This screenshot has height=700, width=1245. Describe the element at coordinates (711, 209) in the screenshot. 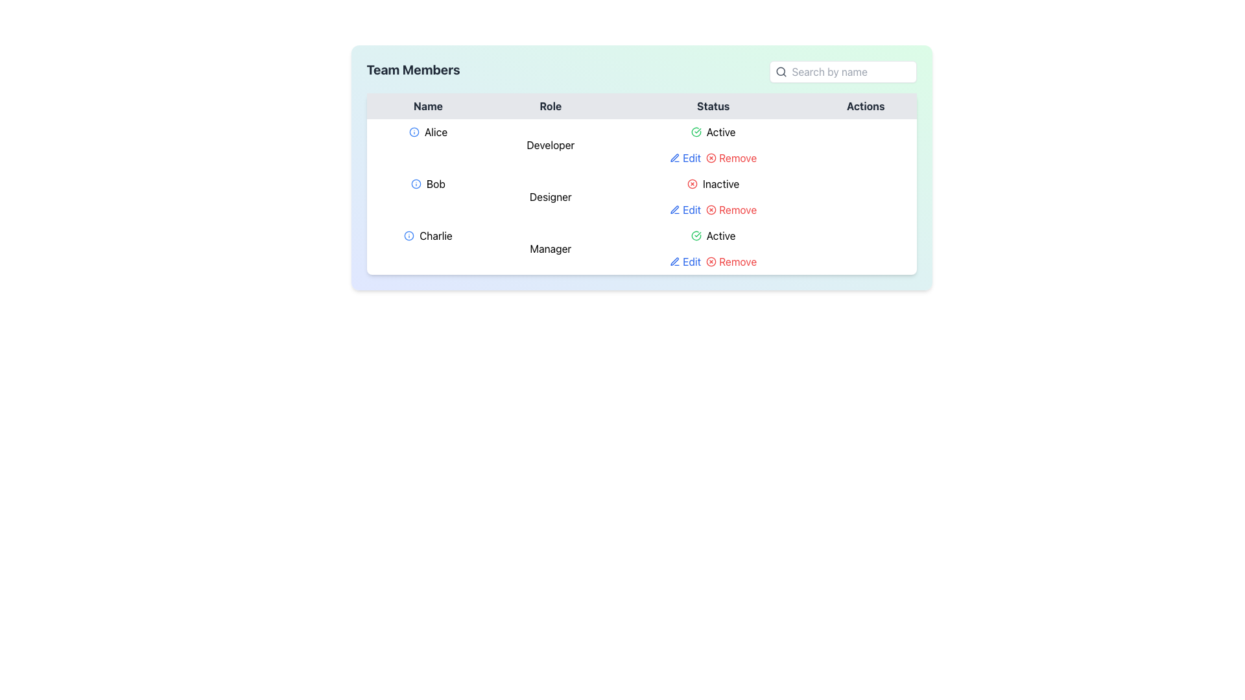

I see `the delete button corresponding to Bob's entry in the Actions column` at that location.